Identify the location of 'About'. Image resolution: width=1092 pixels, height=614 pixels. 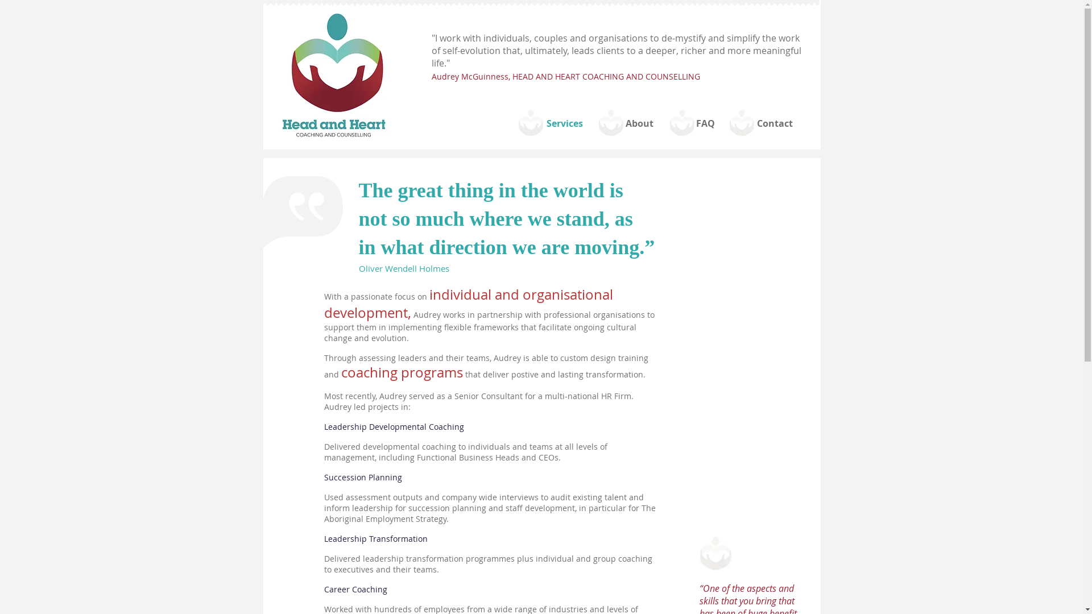
(639, 123).